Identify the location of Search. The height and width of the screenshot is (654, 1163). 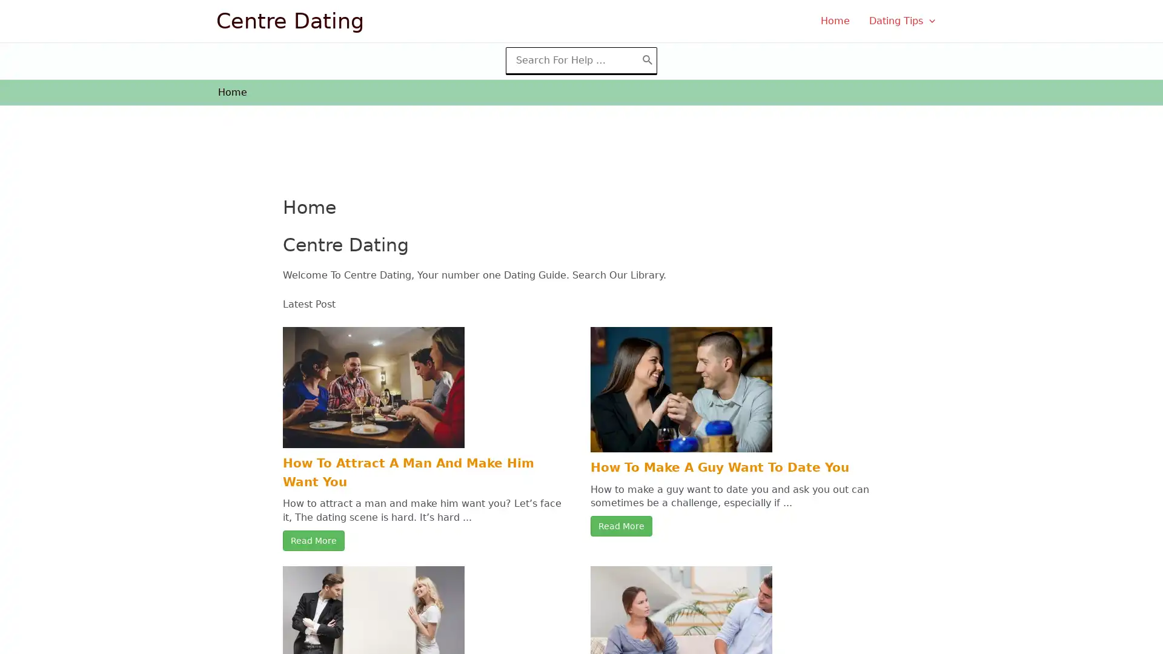
(647, 60).